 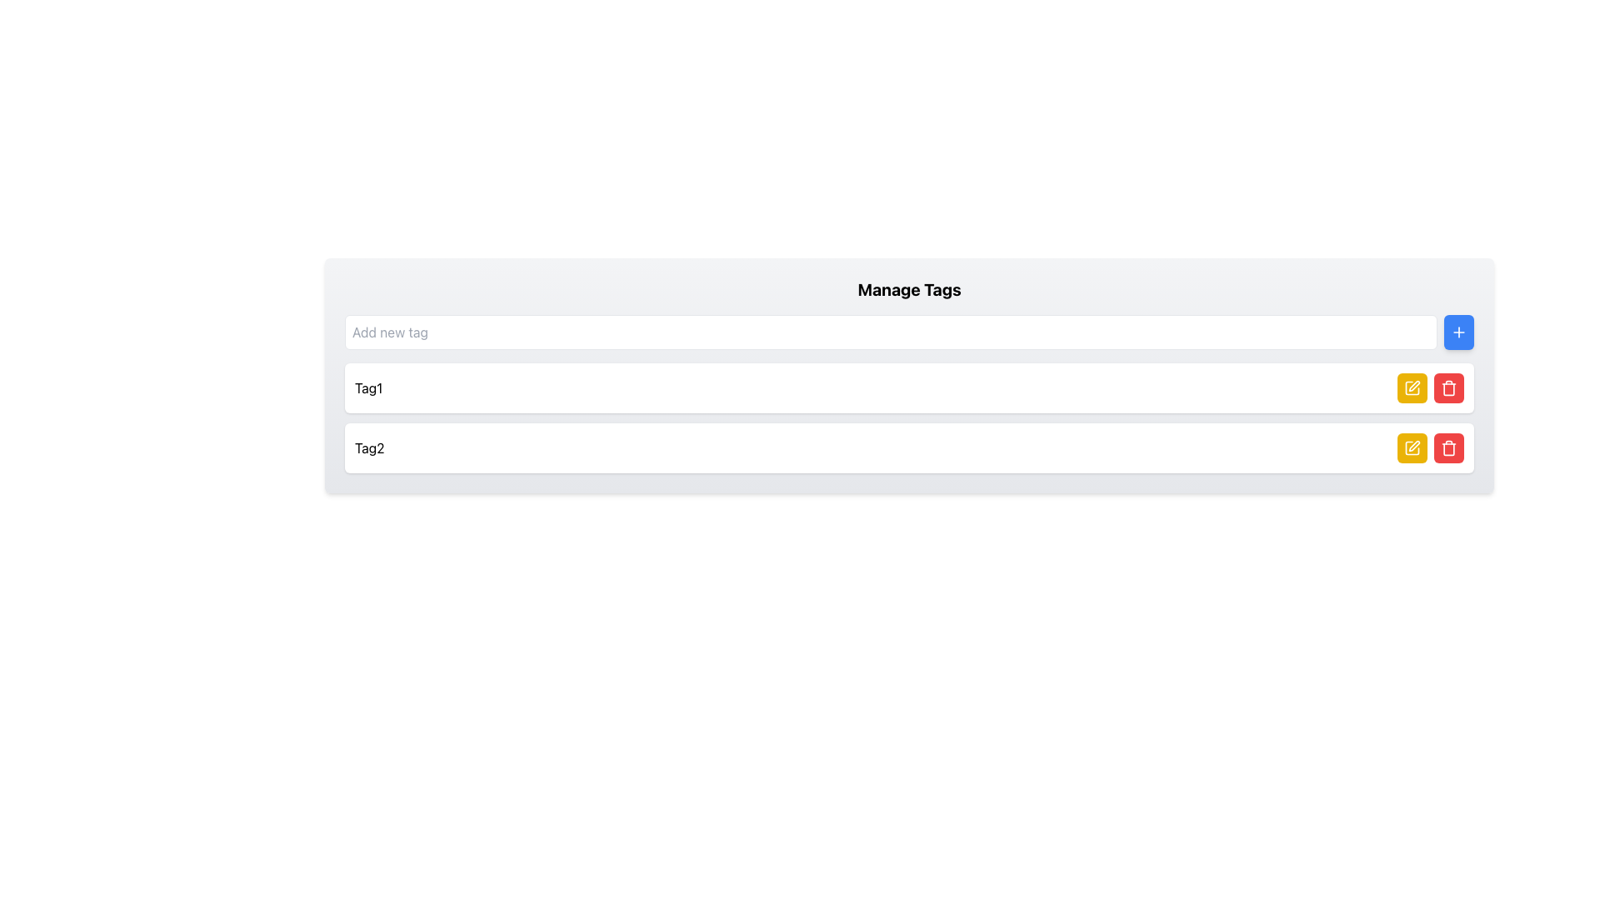 I want to click on the plus icon button, which is a small white icon on a blue circular background, located to the right of the 'Add new tag' text input field, so click(x=1458, y=332).